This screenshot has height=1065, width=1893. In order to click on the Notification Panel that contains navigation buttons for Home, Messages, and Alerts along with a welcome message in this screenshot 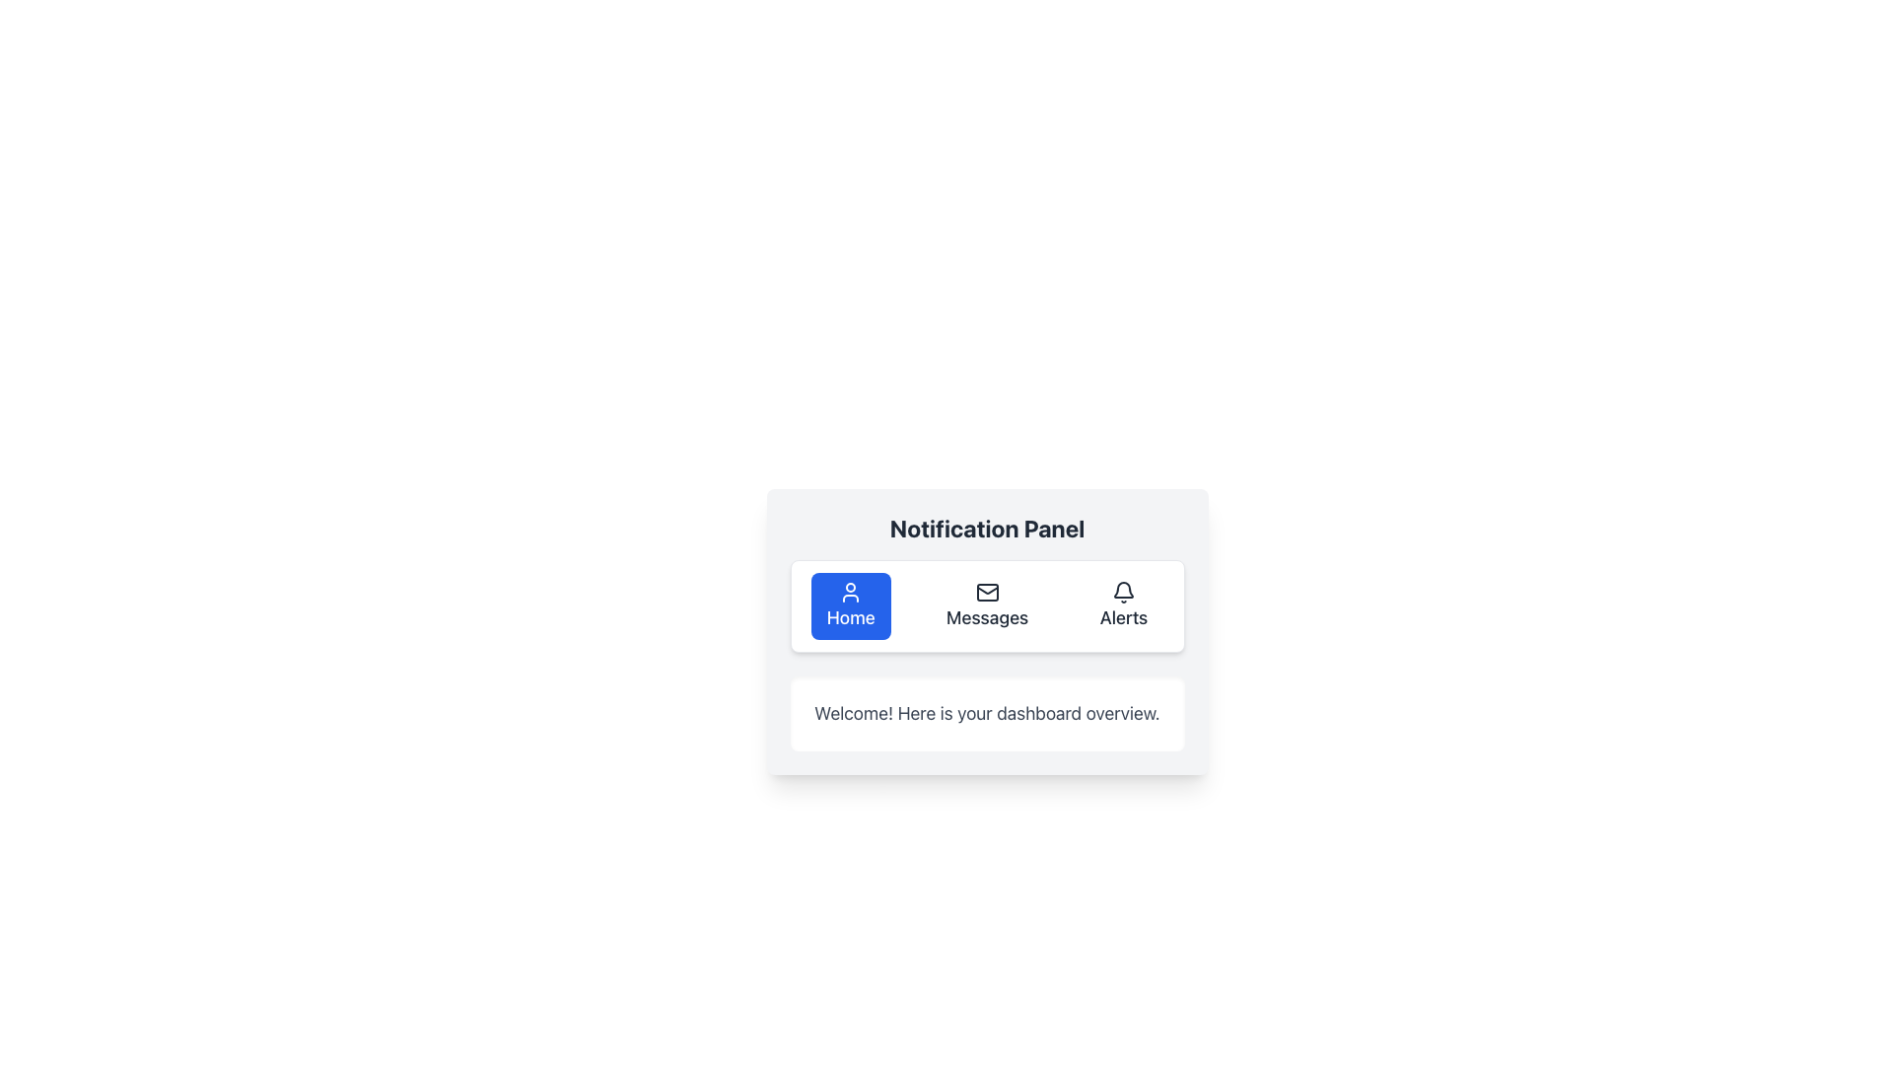, I will do `click(987, 631)`.